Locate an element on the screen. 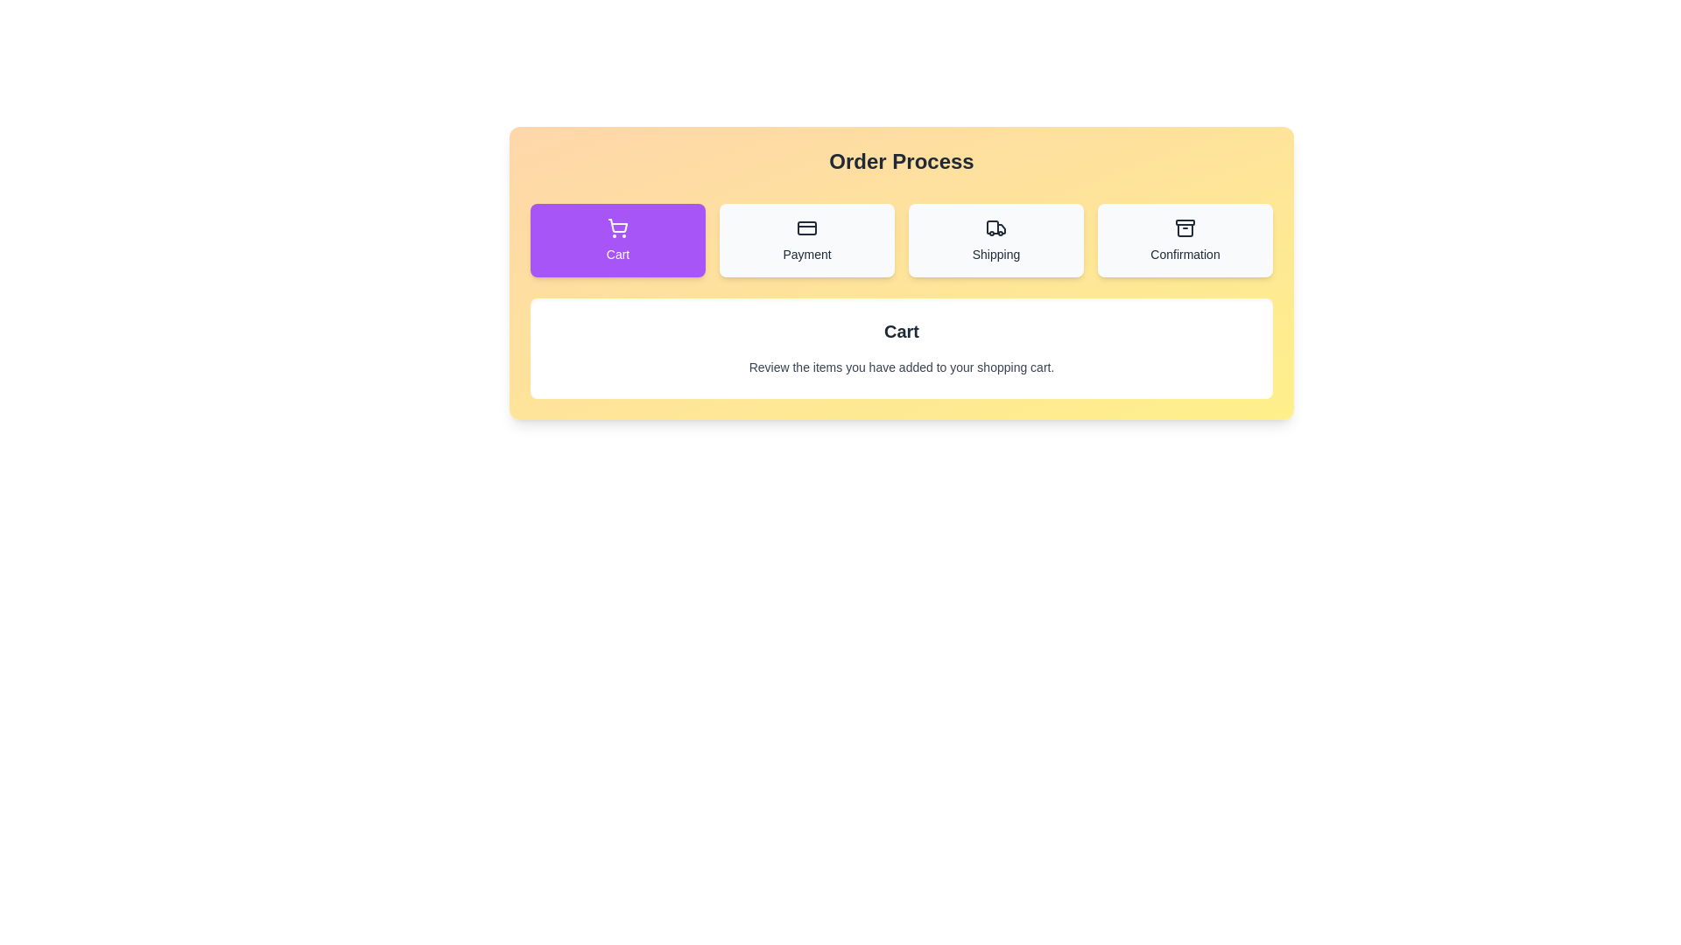  the button labeled Payment to view its hover effect is located at coordinates (805, 240).